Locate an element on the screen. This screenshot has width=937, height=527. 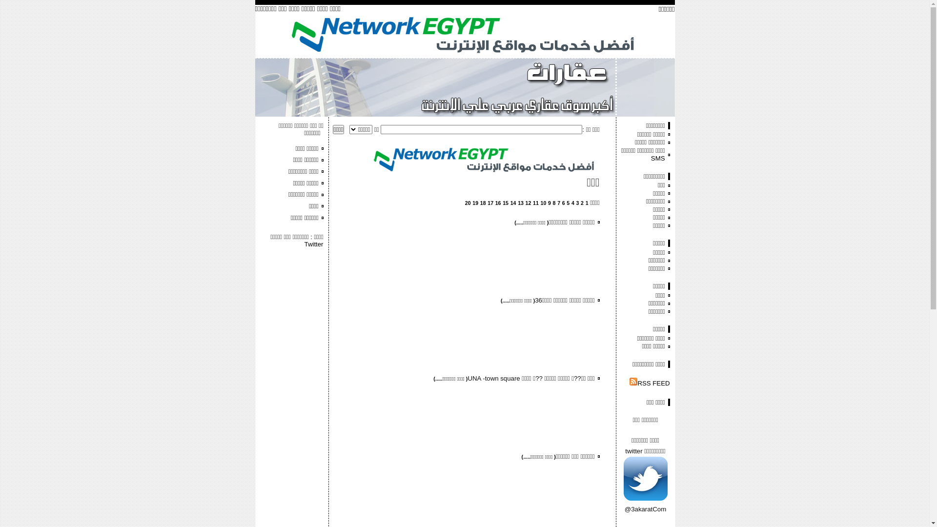
'Twitter' is located at coordinates (314, 243).